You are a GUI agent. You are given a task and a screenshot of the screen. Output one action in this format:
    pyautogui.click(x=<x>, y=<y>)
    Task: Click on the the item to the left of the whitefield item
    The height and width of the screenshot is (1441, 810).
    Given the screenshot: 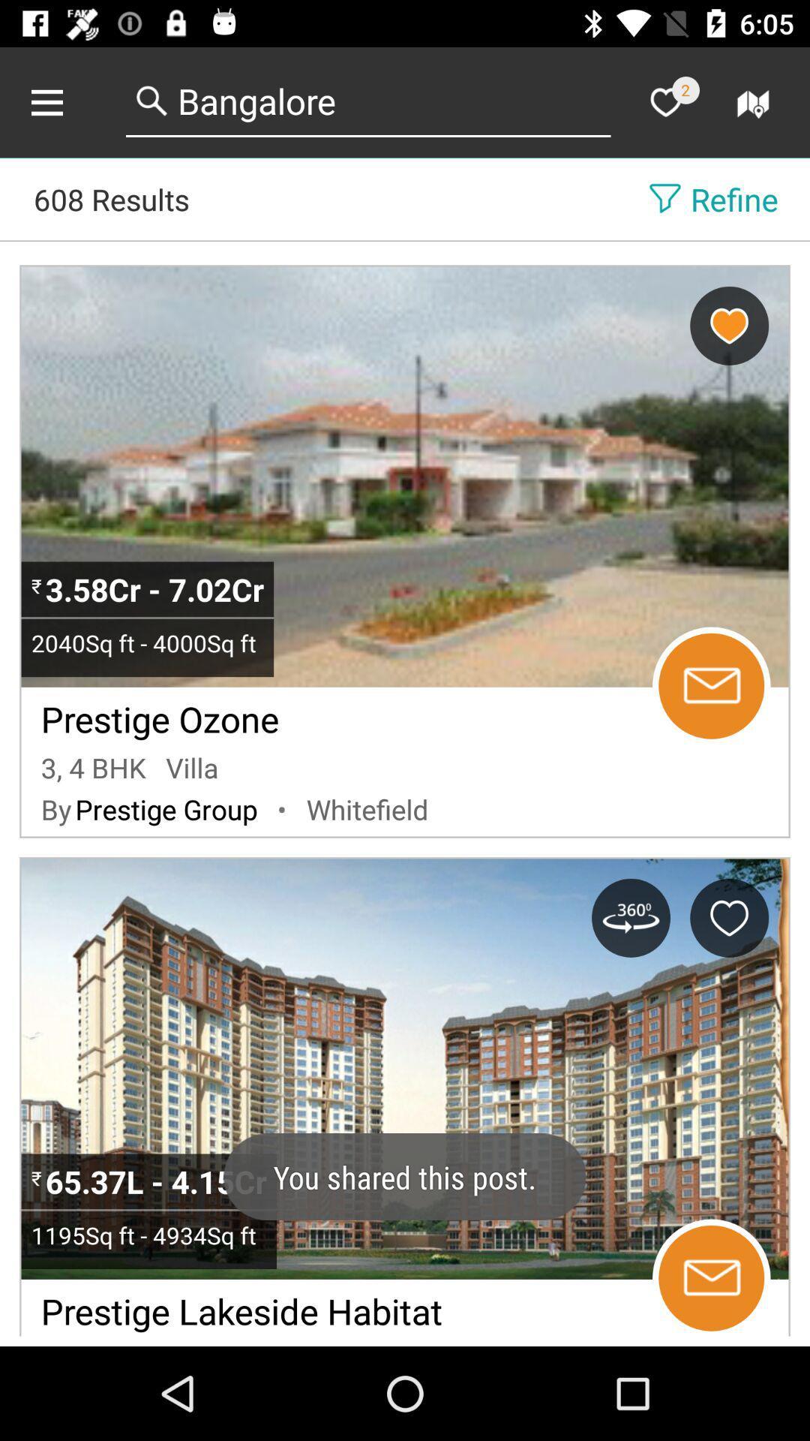 What is the action you would take?
    pyautogui.click(x=282, y=808)
    